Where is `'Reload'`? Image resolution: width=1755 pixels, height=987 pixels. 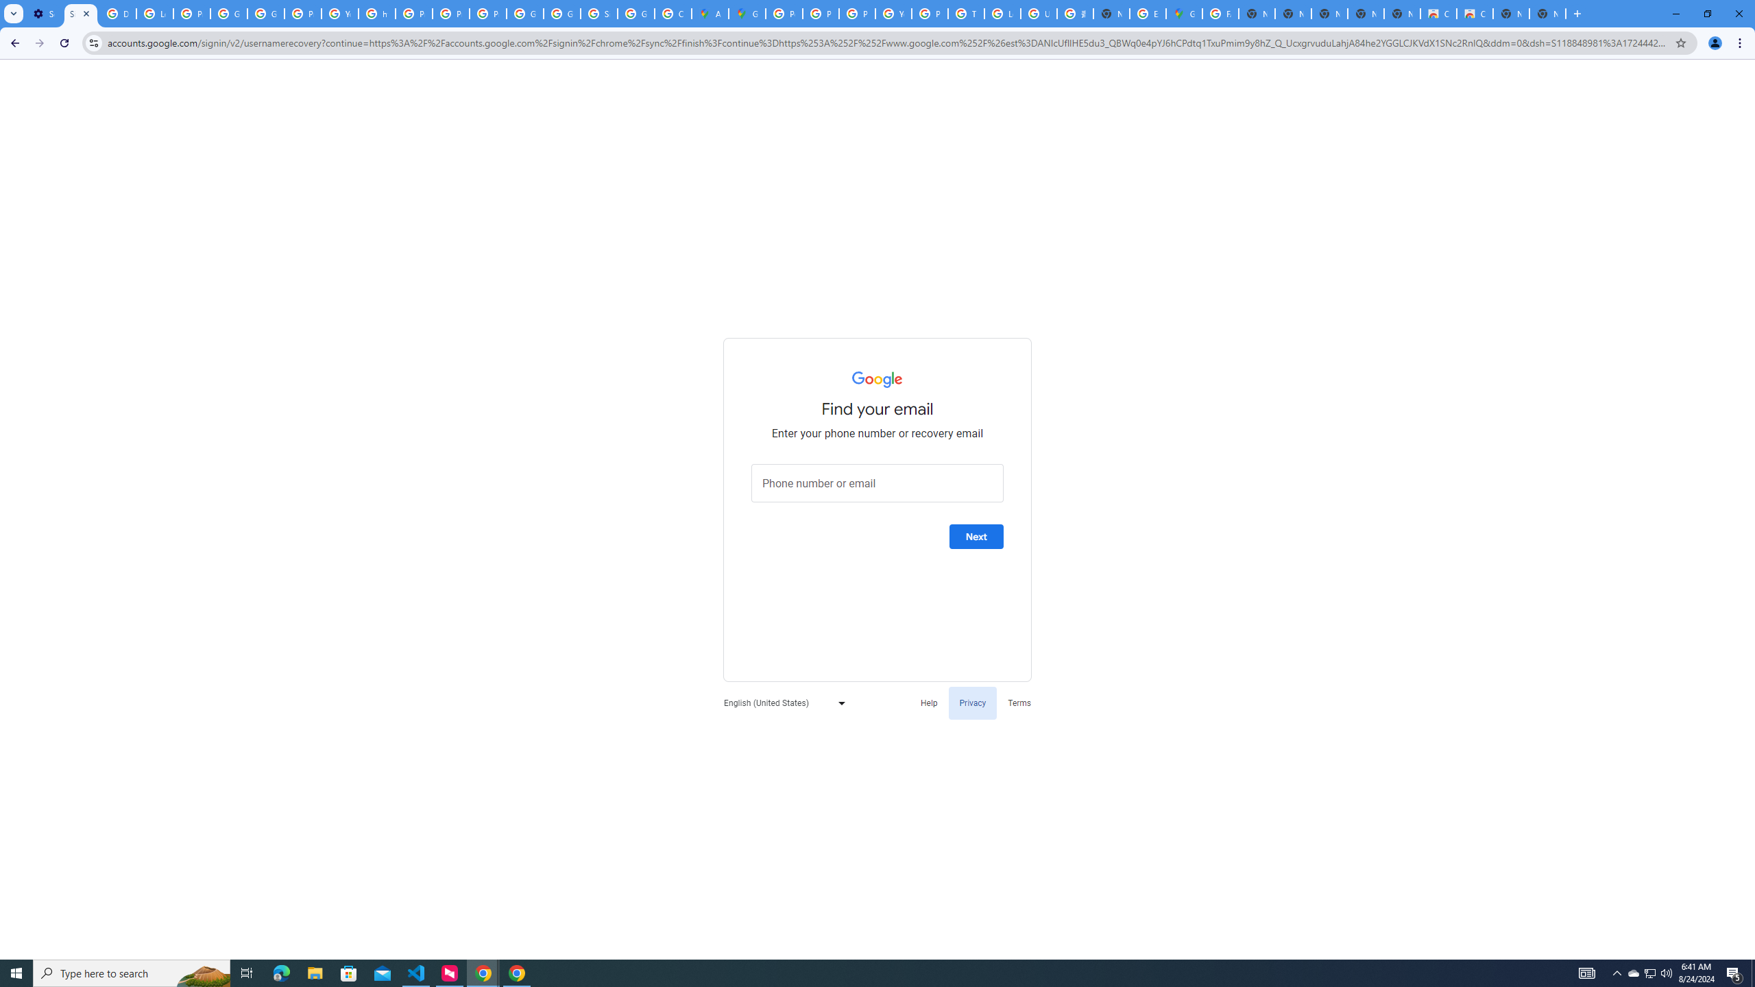
'Reload' is located at coordinates (64, 42).